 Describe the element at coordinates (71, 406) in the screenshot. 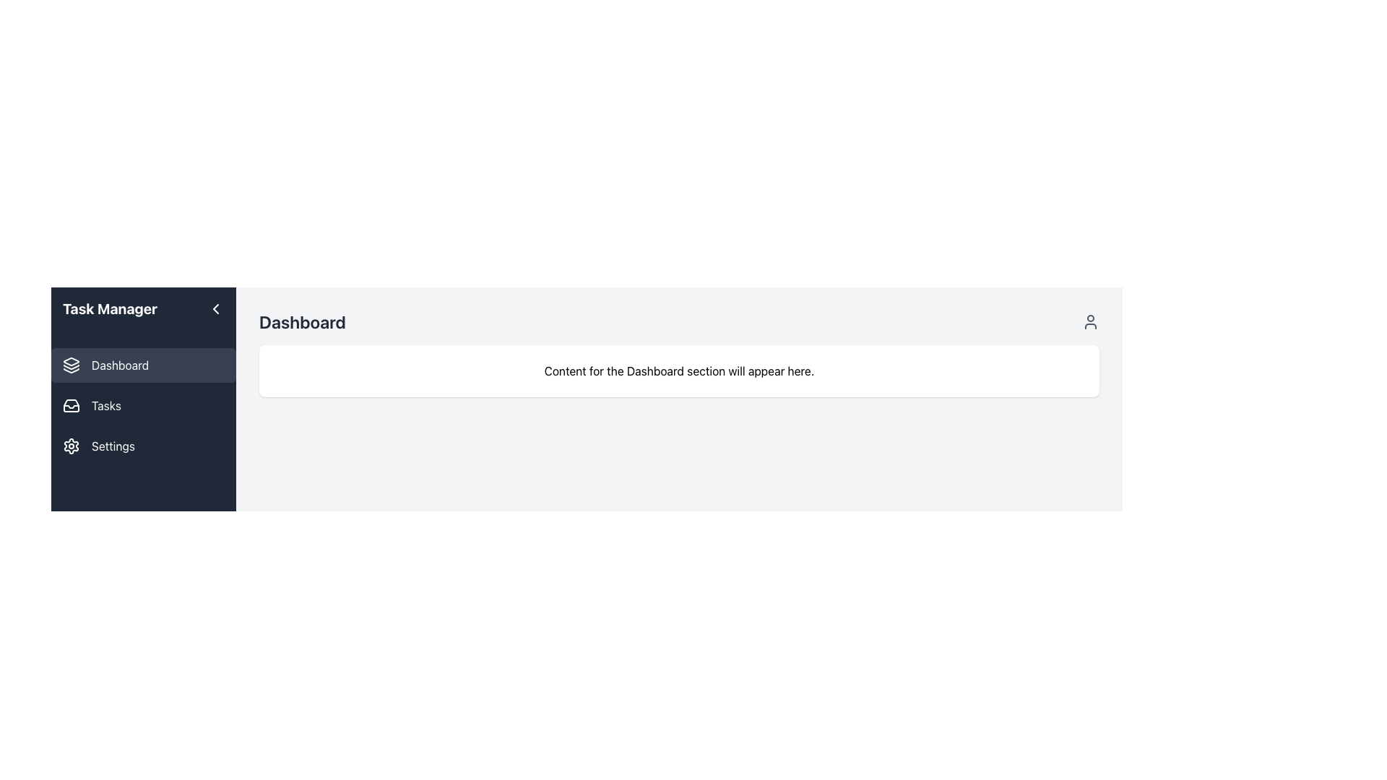

I see `the 'Tasks' menu entry icon, which is the second item in the vertical navigation menu on the left side of the application interface` at that location.